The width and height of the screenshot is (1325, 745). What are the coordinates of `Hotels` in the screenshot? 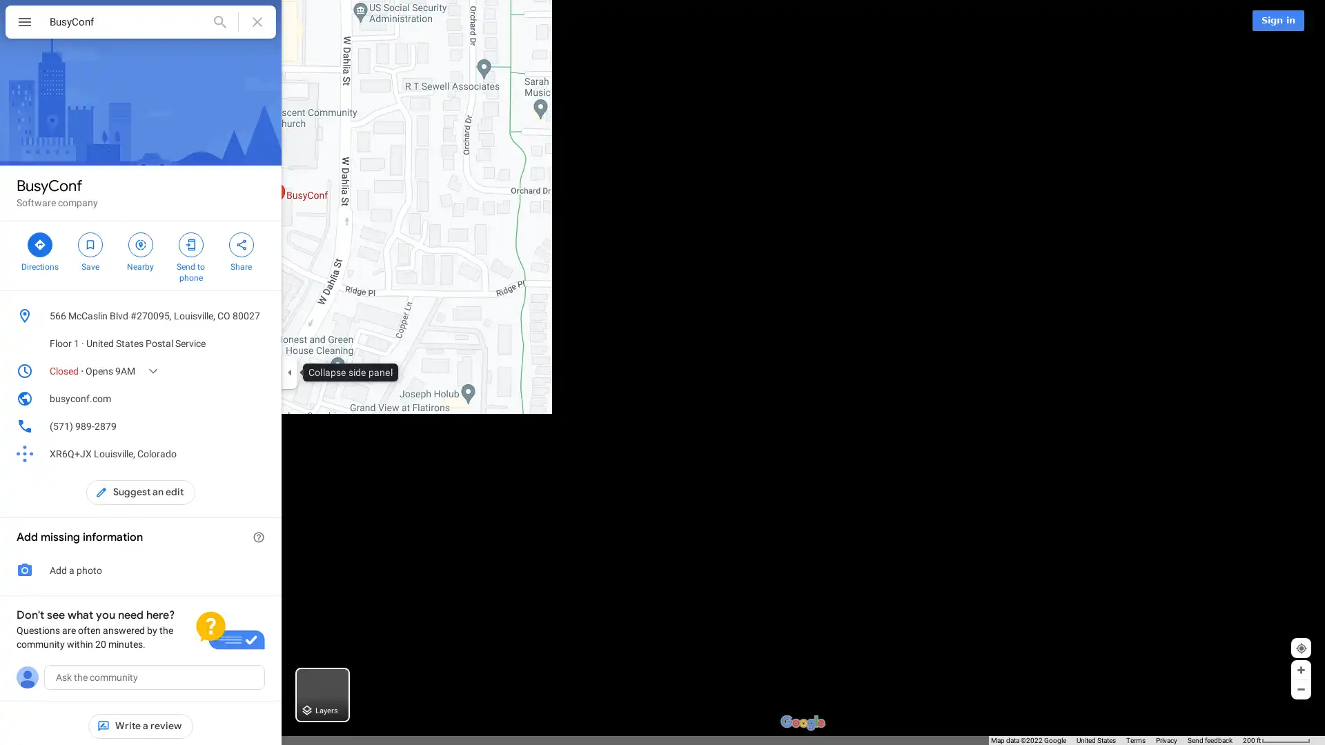 It's located at (405, 21).